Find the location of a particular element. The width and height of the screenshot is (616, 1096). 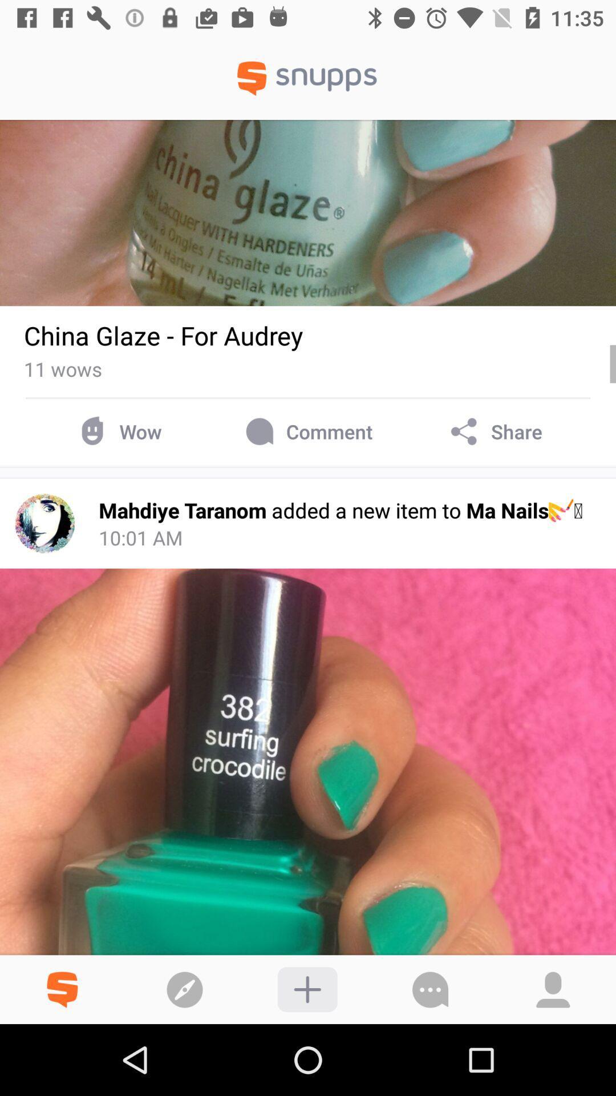

the profile icon is located at coordinates (552, 981).